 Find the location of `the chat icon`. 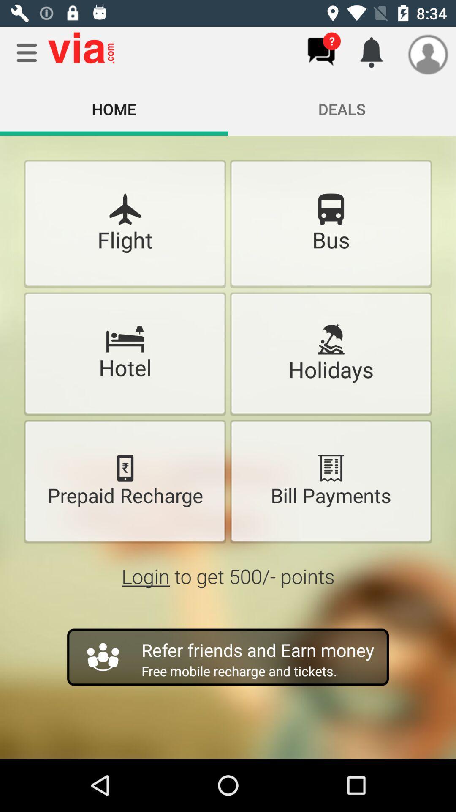

the chat icon is located at coordinates (321, 51).